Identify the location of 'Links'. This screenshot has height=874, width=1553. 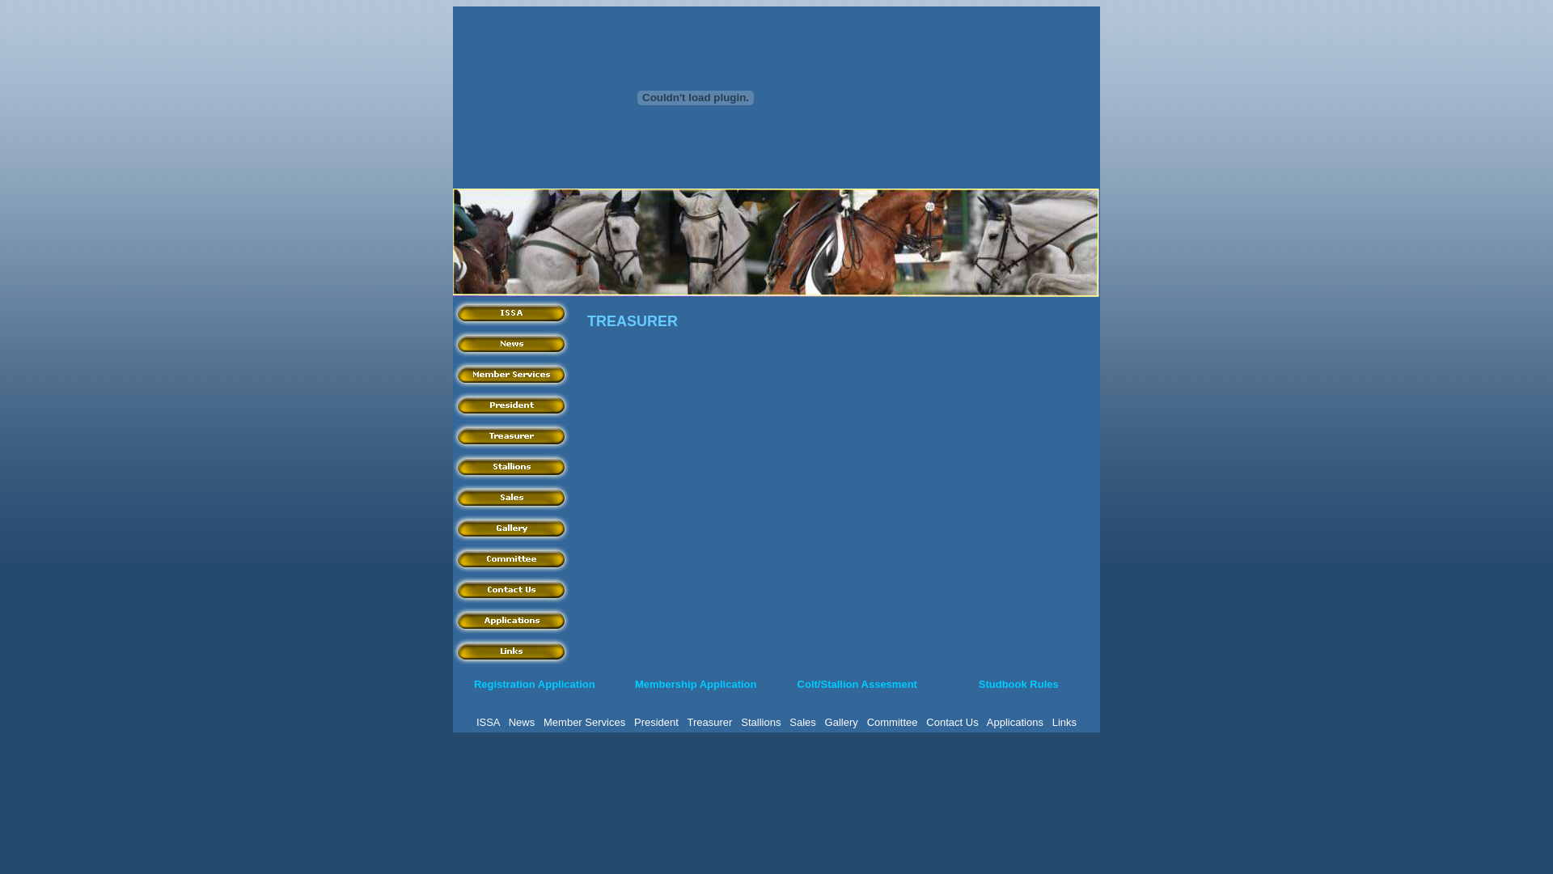
(1064, 721).